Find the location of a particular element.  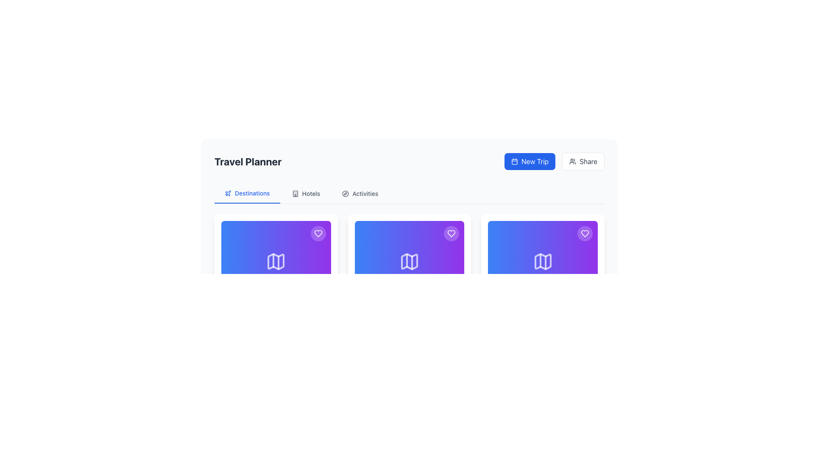

the circular graphic element within the compass icon for decorative or informational purposes, located at the center of the SVG element is located at coordinates (346, 193).